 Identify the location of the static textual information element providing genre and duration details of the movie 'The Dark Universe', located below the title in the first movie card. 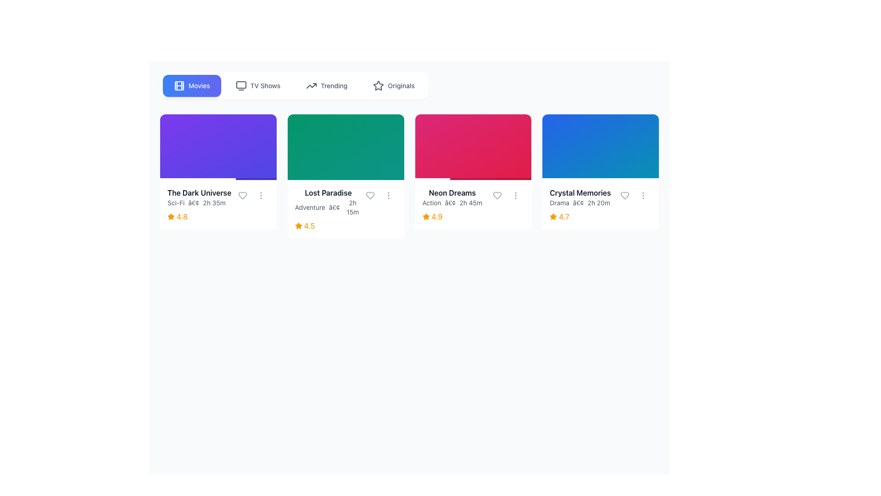
(199, 202).